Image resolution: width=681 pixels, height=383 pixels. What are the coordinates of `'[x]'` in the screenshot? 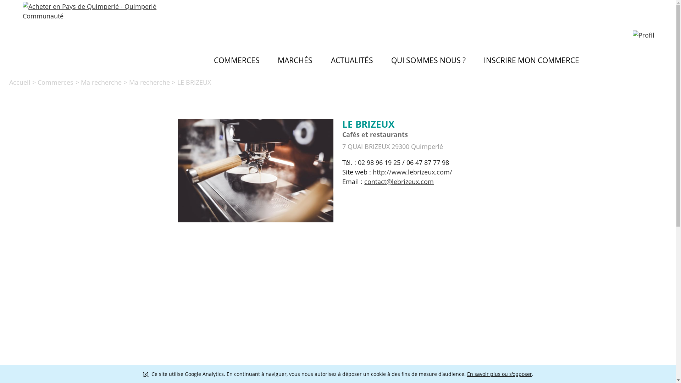 It's located at (145, 373).